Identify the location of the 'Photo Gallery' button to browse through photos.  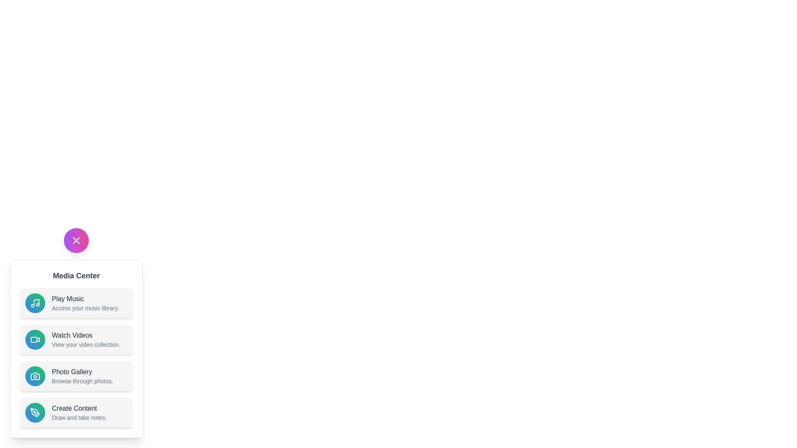
(76, 376).